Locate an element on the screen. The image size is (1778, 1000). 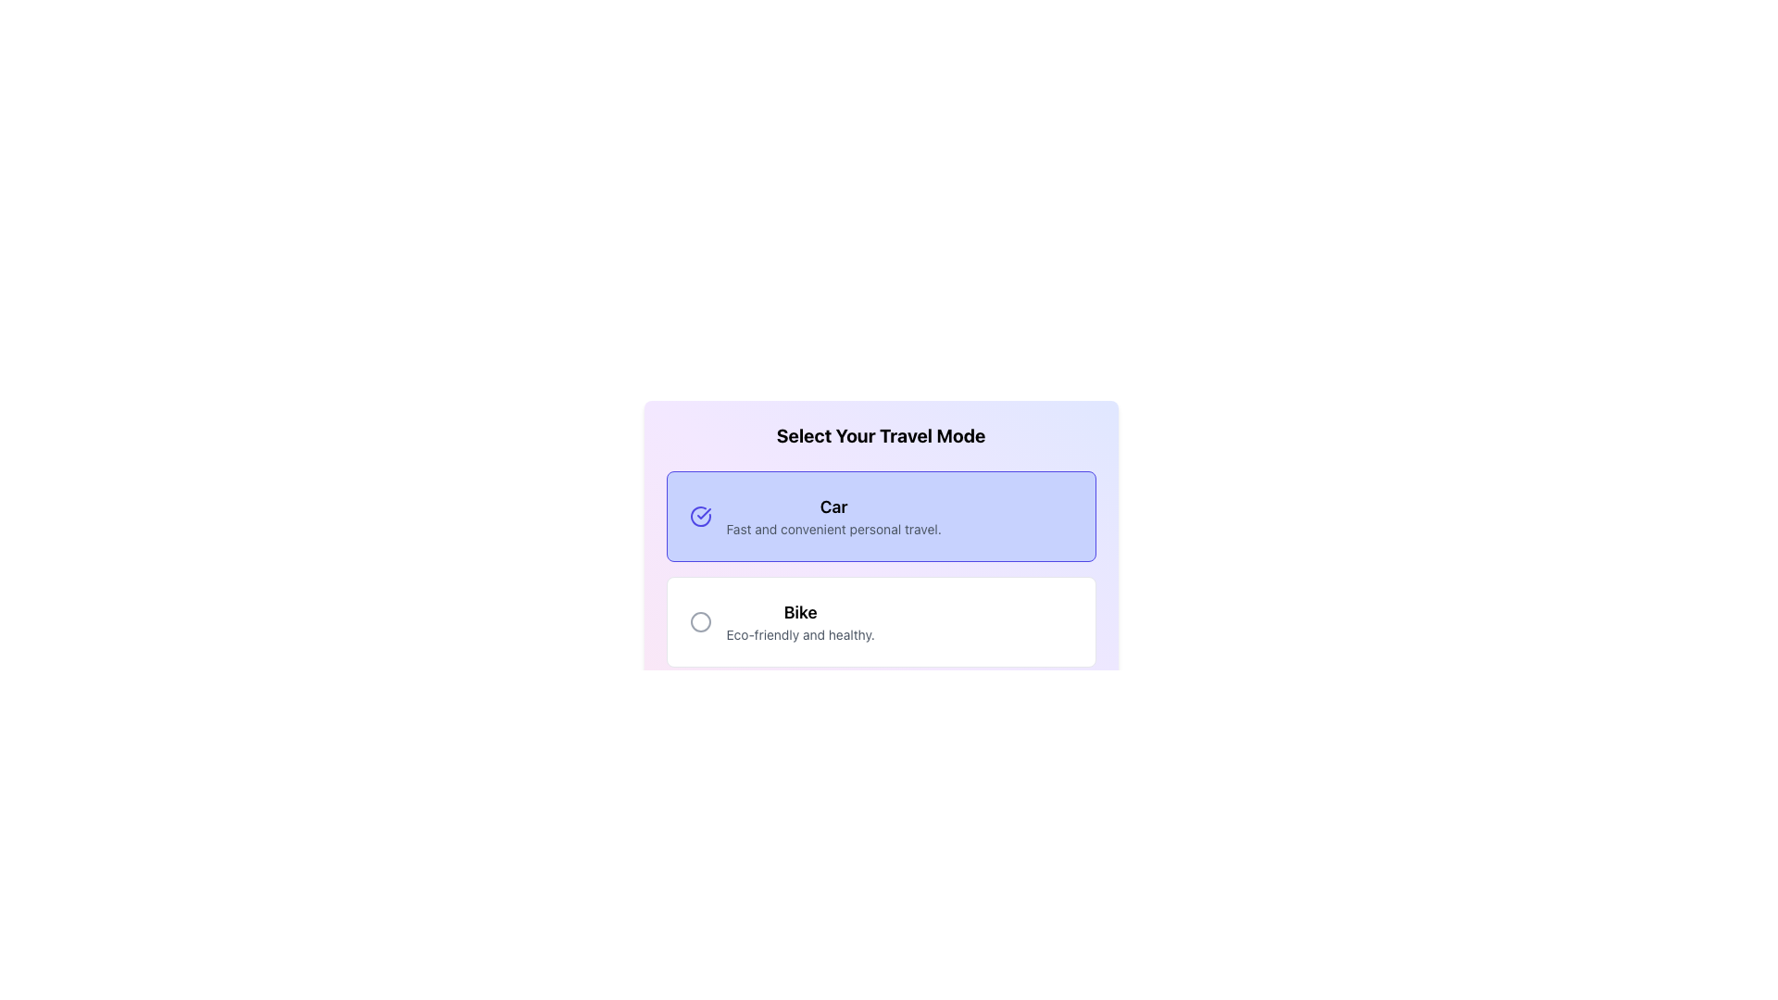
the decorative or functional icon indicating the 'Bike' choice in the 'Select Your Travel Mode' interface is located at coordinates (699, 621).